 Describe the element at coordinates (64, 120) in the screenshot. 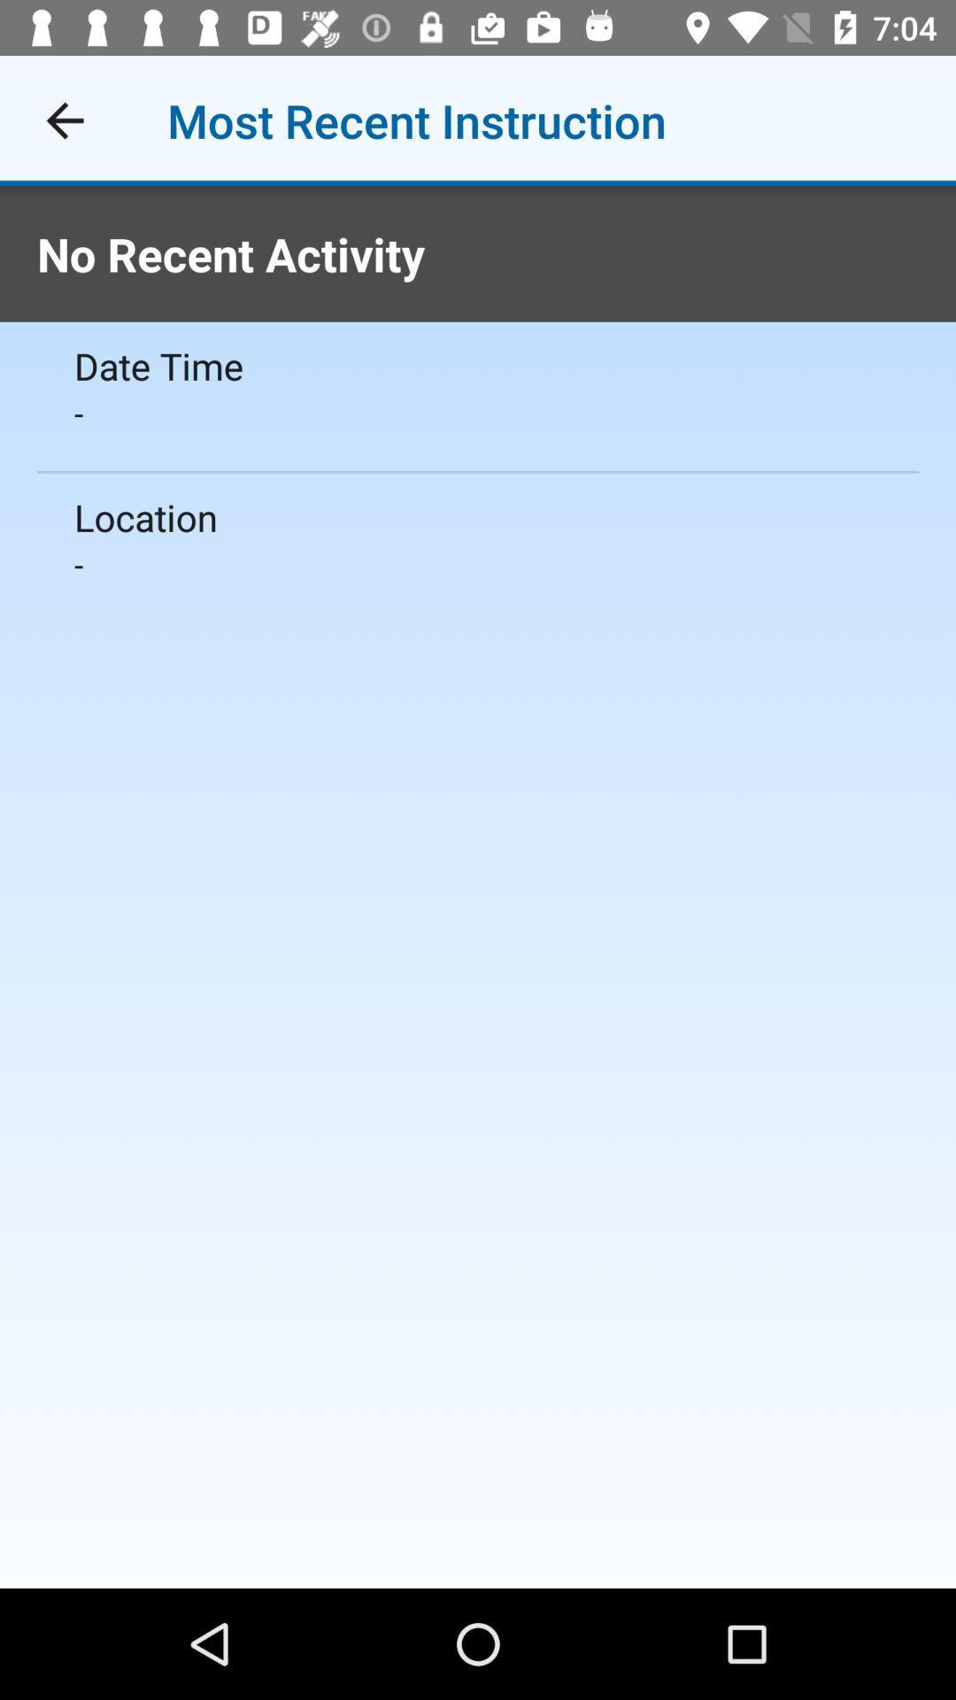

I see `item next to most recent instruction item` at that location.